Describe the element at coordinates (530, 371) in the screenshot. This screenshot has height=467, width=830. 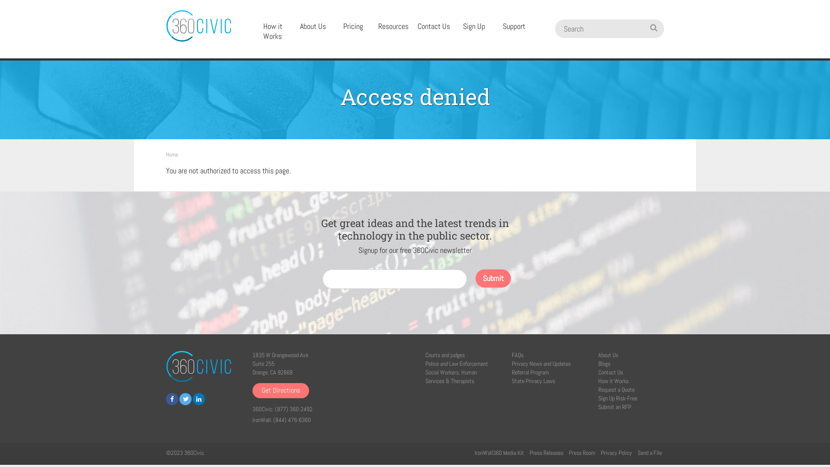
I see `'Referral Program'` at that location.